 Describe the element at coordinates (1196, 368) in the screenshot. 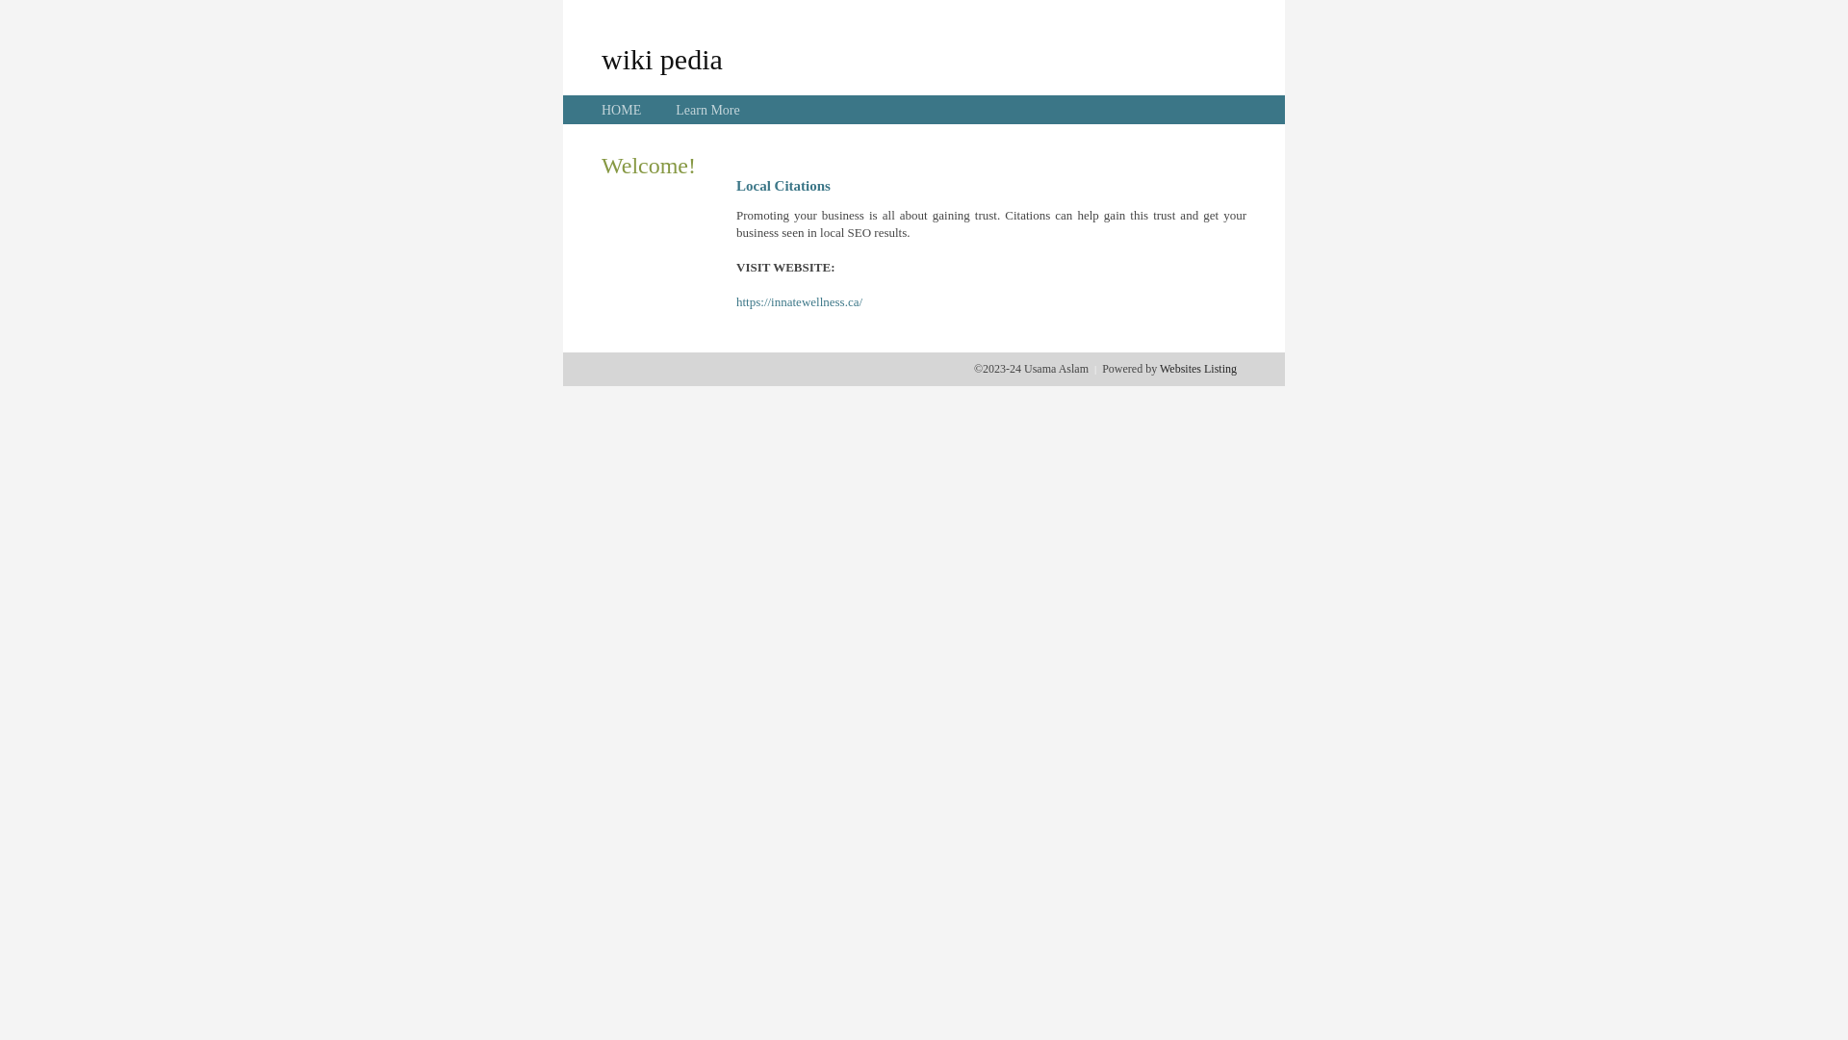

I see `'Websites Listing'` at that location.